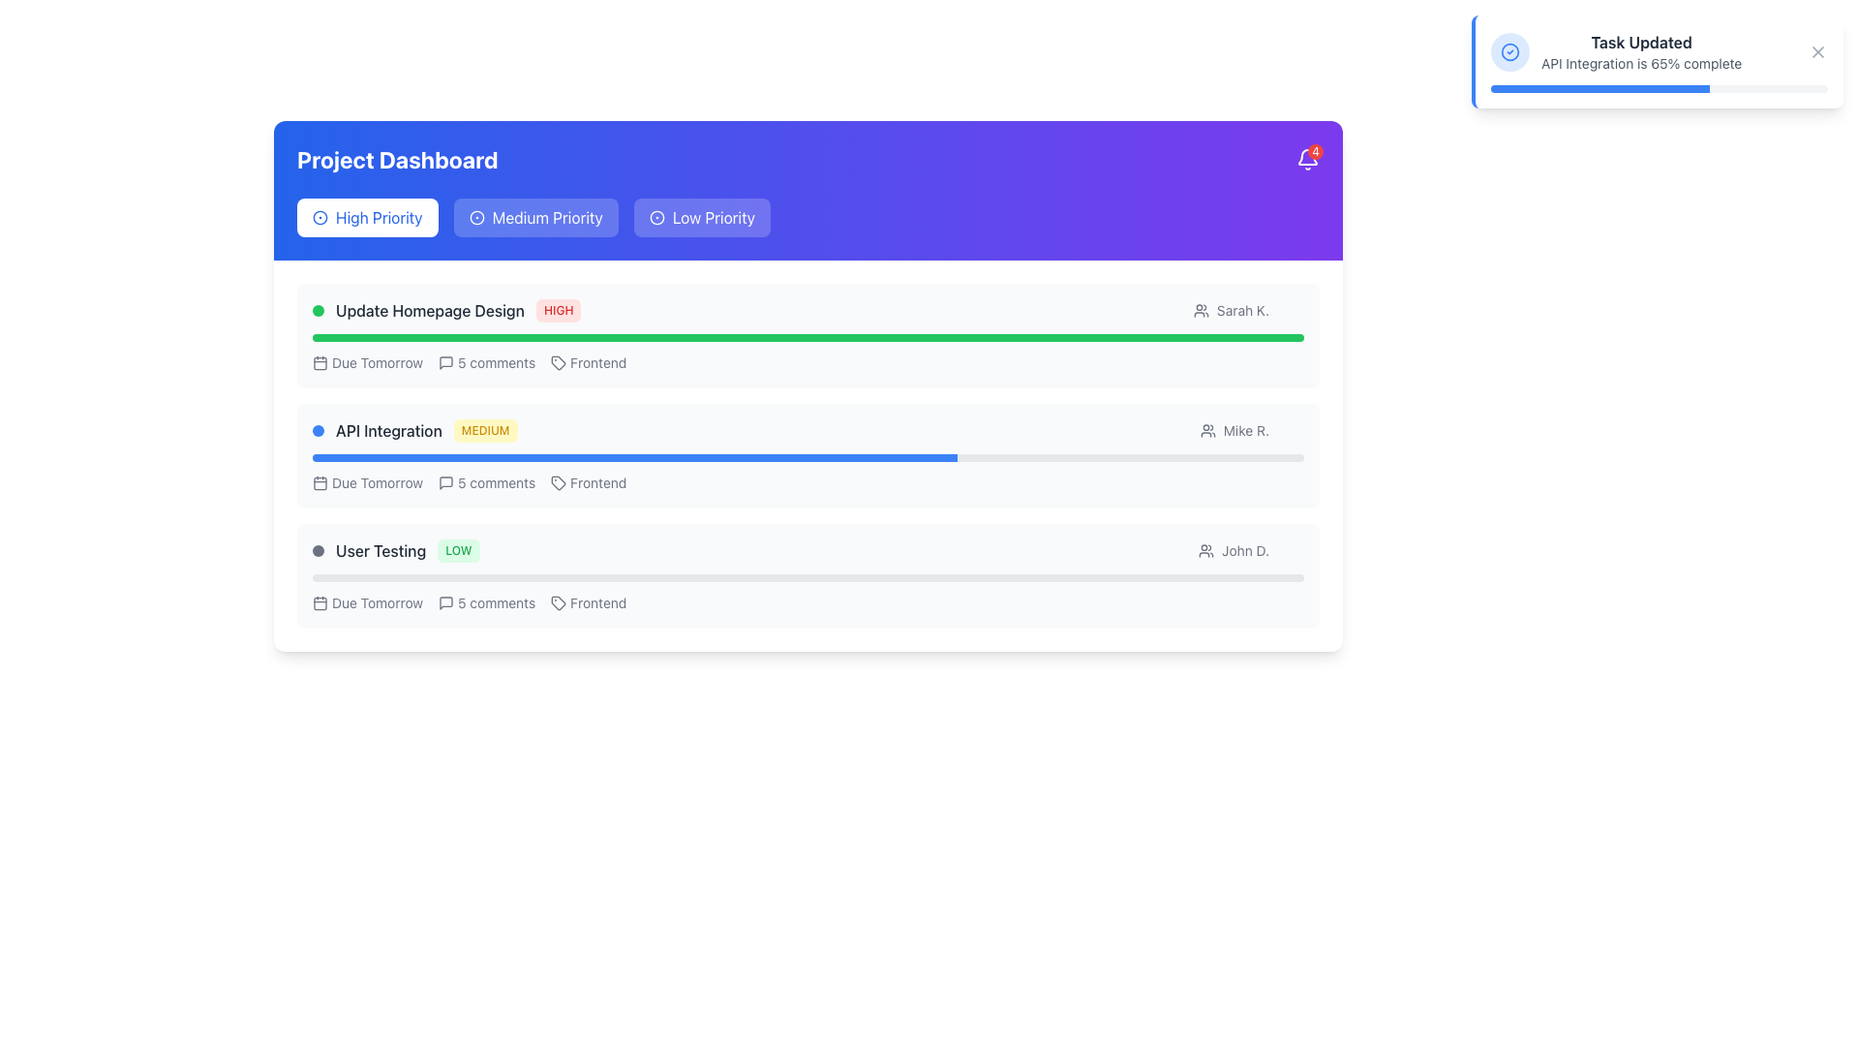 Image resolution: width=1859 pixels, height=1046 pixels. Describe the element at coordinates (1242, 309) in the screenshot. I see `the text label displaying the user's name, which is positioned in the top row of the task list area, adjacent to a user icon and to the right of a green progress bar` at that location.